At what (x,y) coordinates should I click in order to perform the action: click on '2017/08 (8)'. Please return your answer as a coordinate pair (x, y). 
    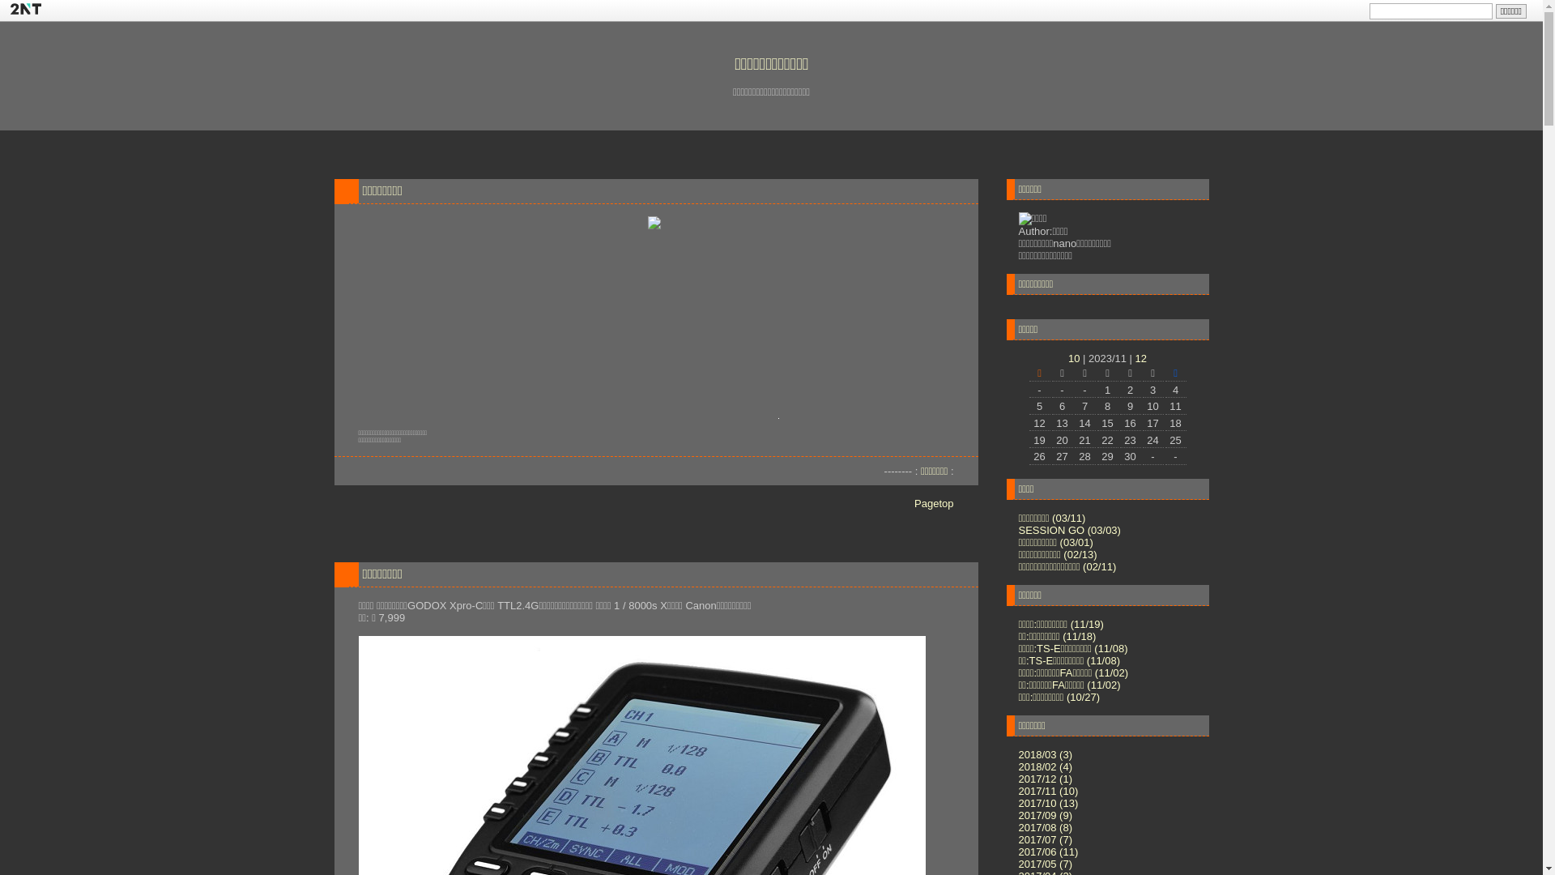
    Looking at the image, I should click on (1046, 827).